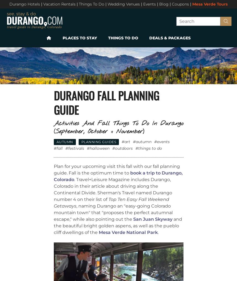 The height and width of the screenshot is (281, 237). I want to click on '#fall', so click(58, 148).